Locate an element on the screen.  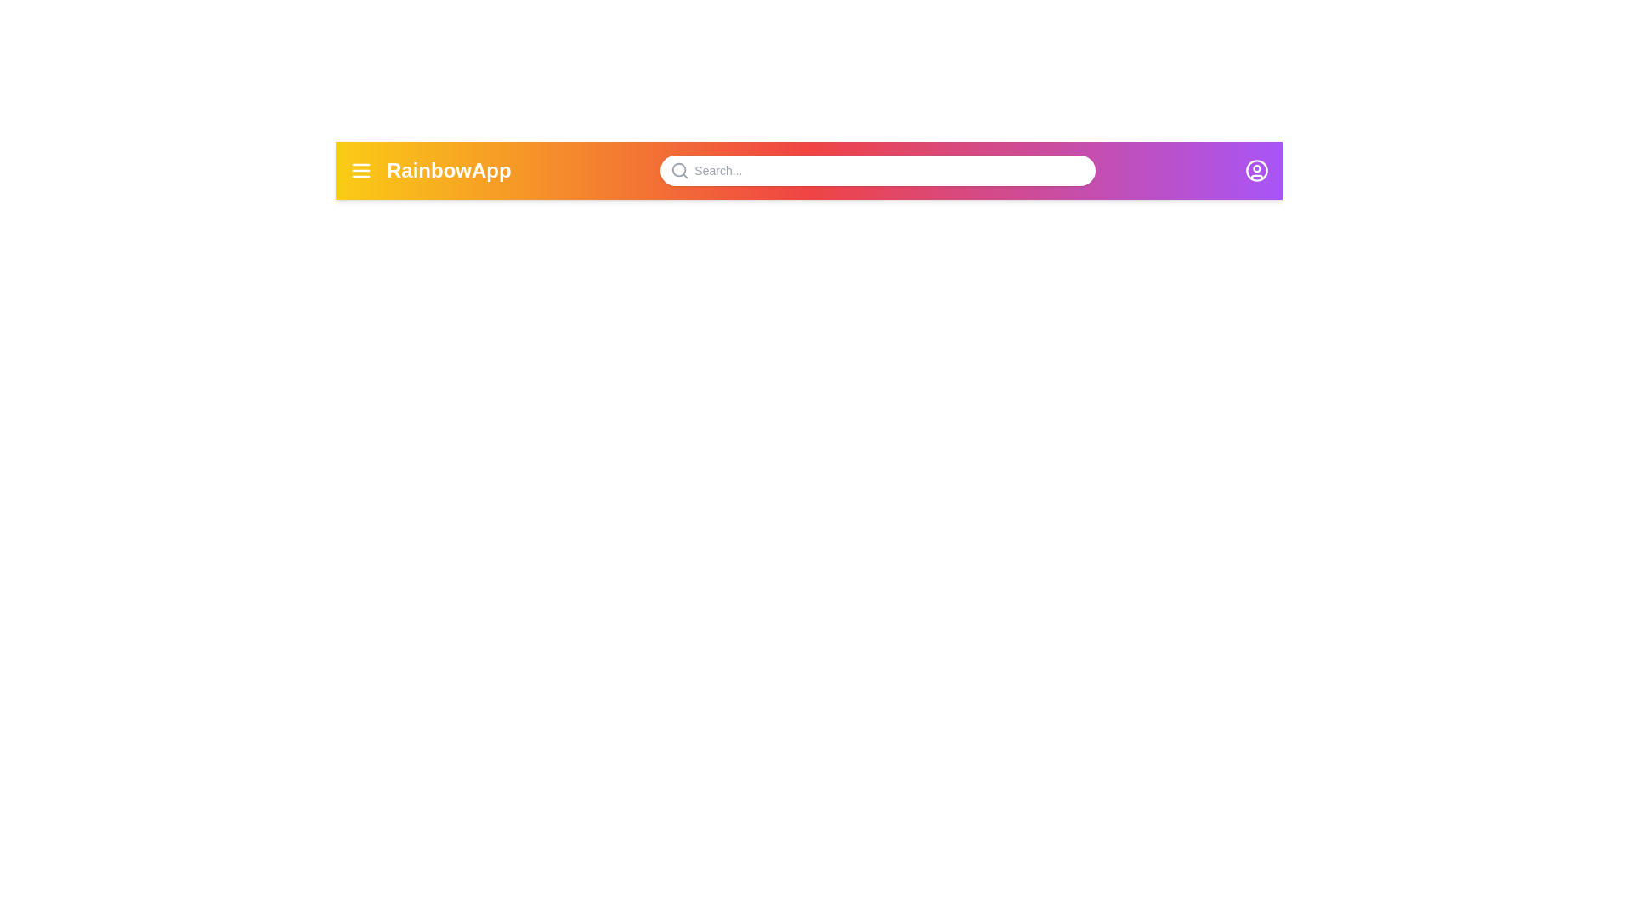
the search bar and enter the text 'example search' is located at coordinates (877, 170).